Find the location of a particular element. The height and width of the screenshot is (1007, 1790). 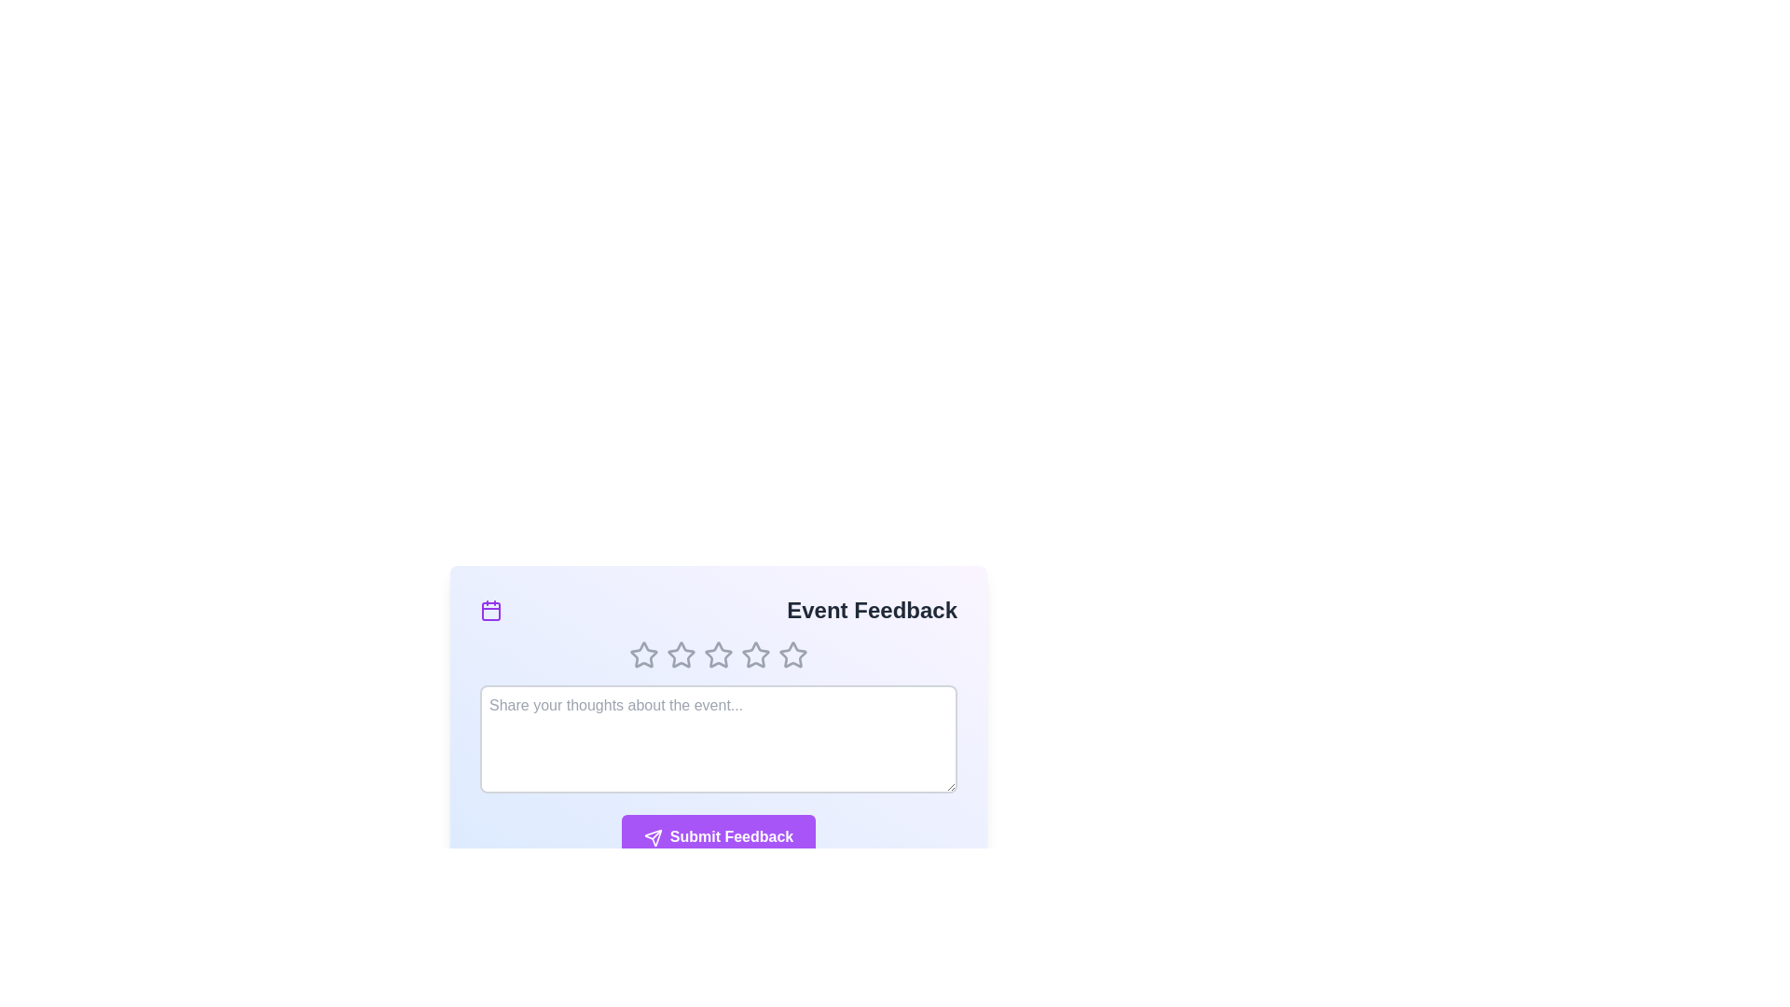

the interactive star icon located on the rightmost side of the rating component under the 'Event Feedback' heading is located at coordinates (792, 654).